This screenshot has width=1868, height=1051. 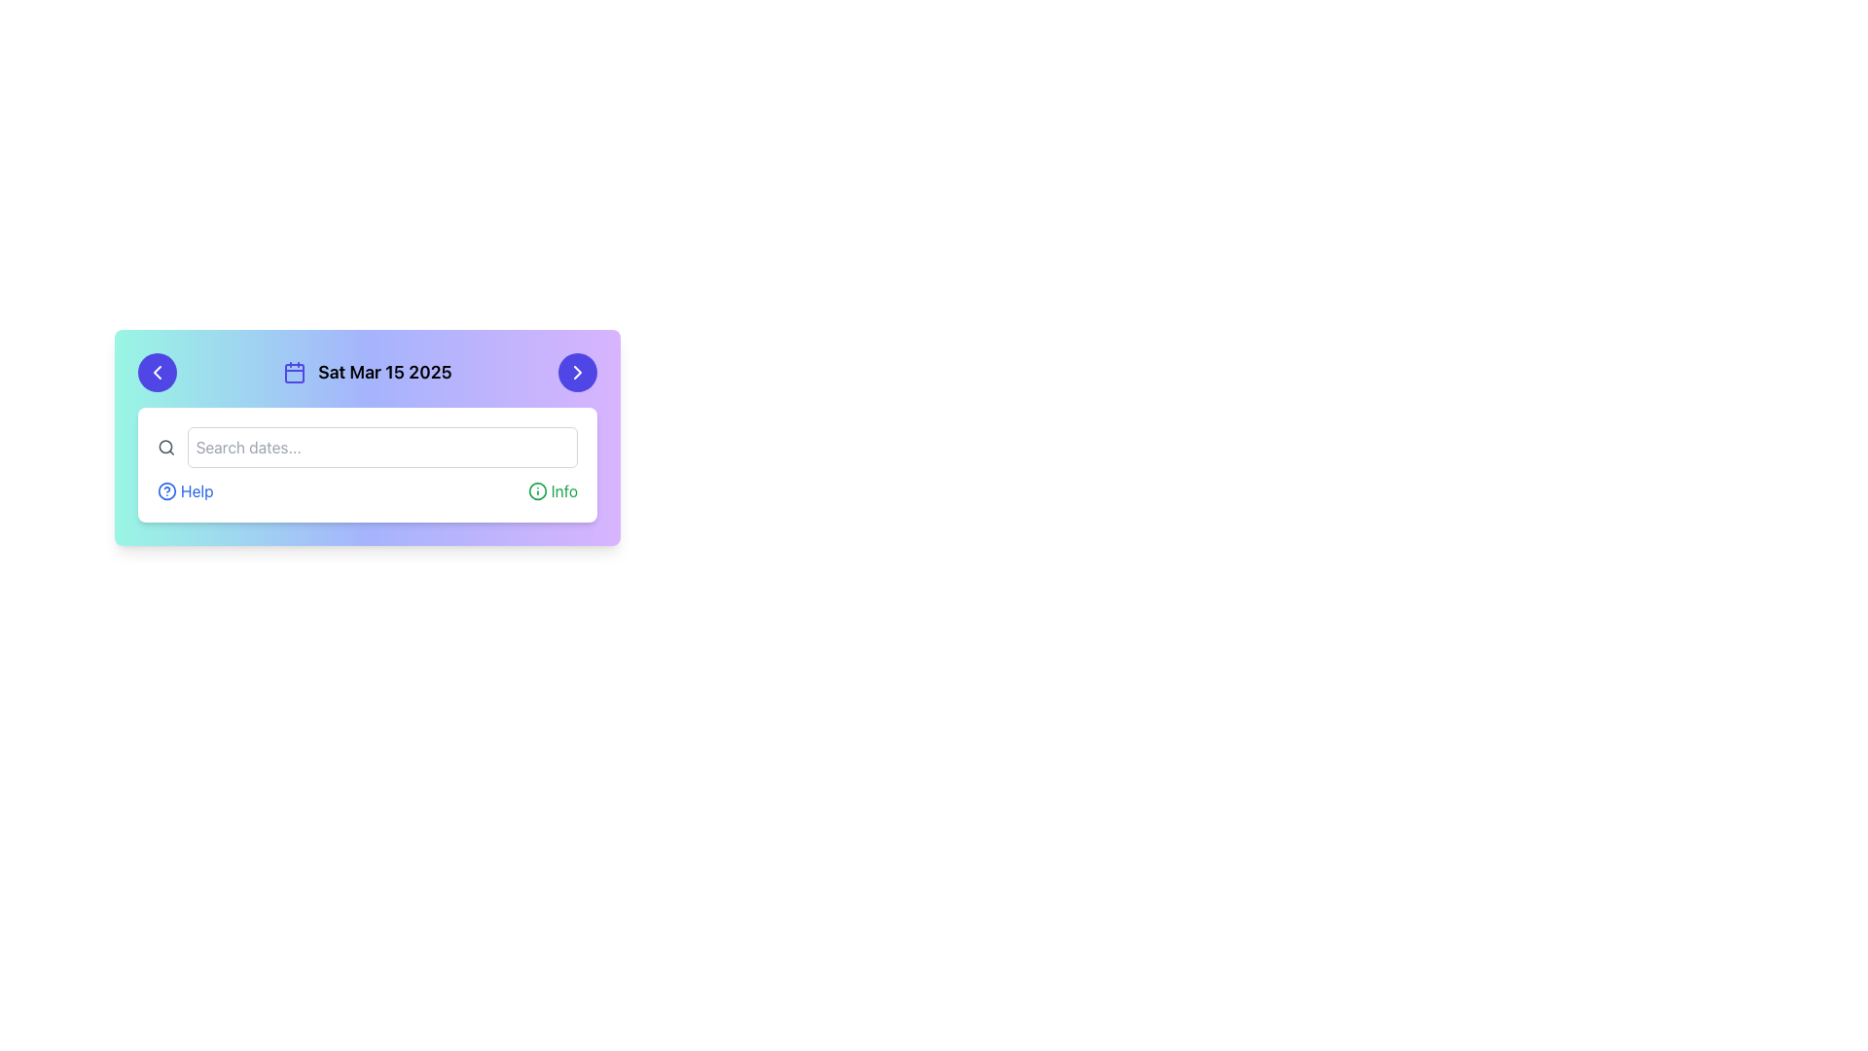 I want to click on the calendar icon with a purple outline located to the left of the text 'Sat Mar 15 2025', so click(x=294, y=372).